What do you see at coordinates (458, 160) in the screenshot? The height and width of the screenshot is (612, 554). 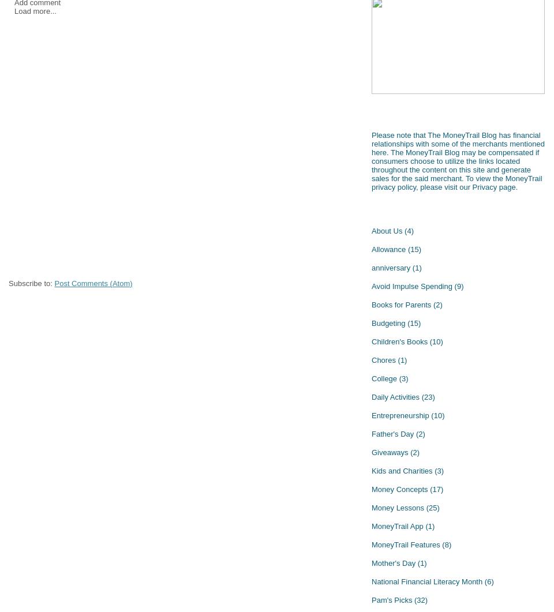 I see `'Please note that The MoneyTrail Blog has financial relationships with some of the merchants mentioned here.  The MoneyTrail Blog may be compensated if consumers choose to utilize the links located throughout the content on this site and generate sales for the said merchant.

To view the MoneyTrail privacy policy, please visit our'` at bounding box center [458, 160].